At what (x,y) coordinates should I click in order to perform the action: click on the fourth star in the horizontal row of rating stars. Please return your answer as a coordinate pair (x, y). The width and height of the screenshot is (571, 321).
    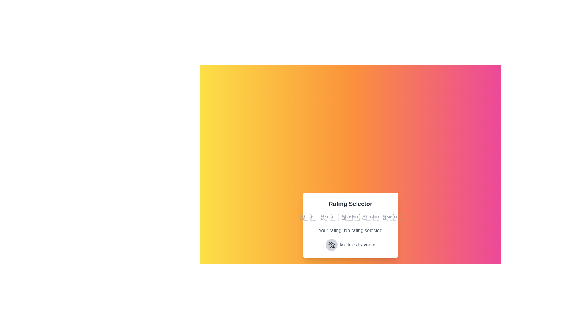
    Looking at the image, I should click on (371, 218).